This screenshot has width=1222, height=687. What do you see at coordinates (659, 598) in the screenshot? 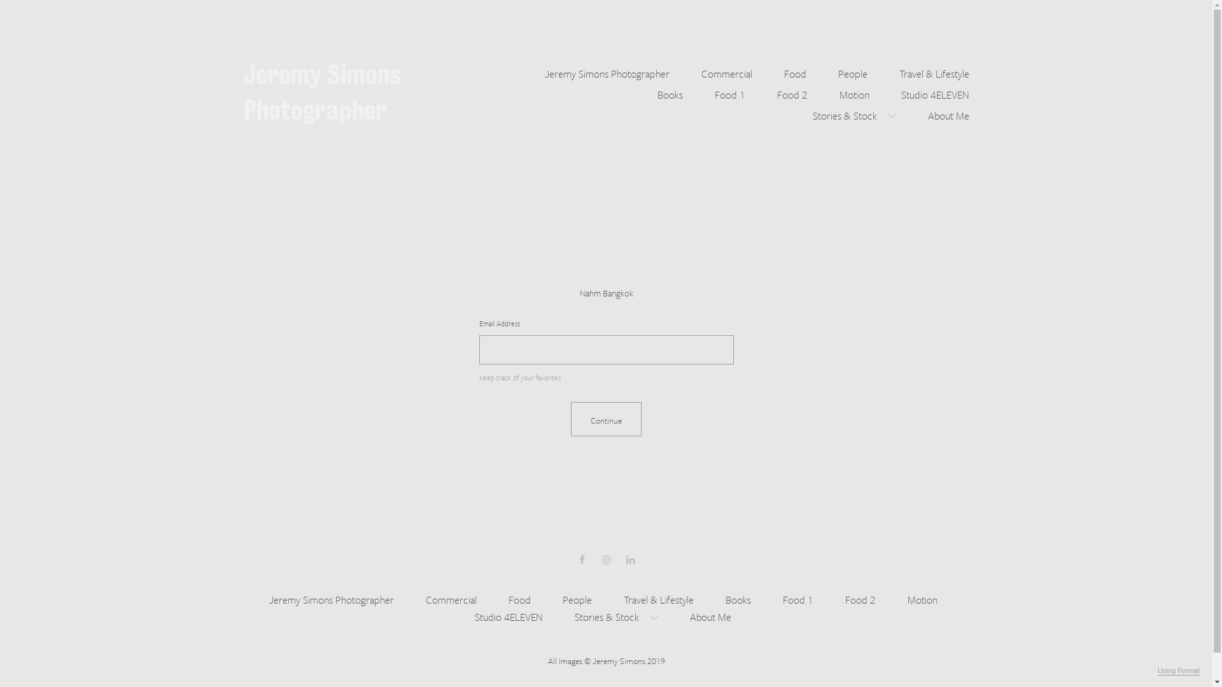
I see `'Travel & Lifestyle'` at bounding box center [659, 598].